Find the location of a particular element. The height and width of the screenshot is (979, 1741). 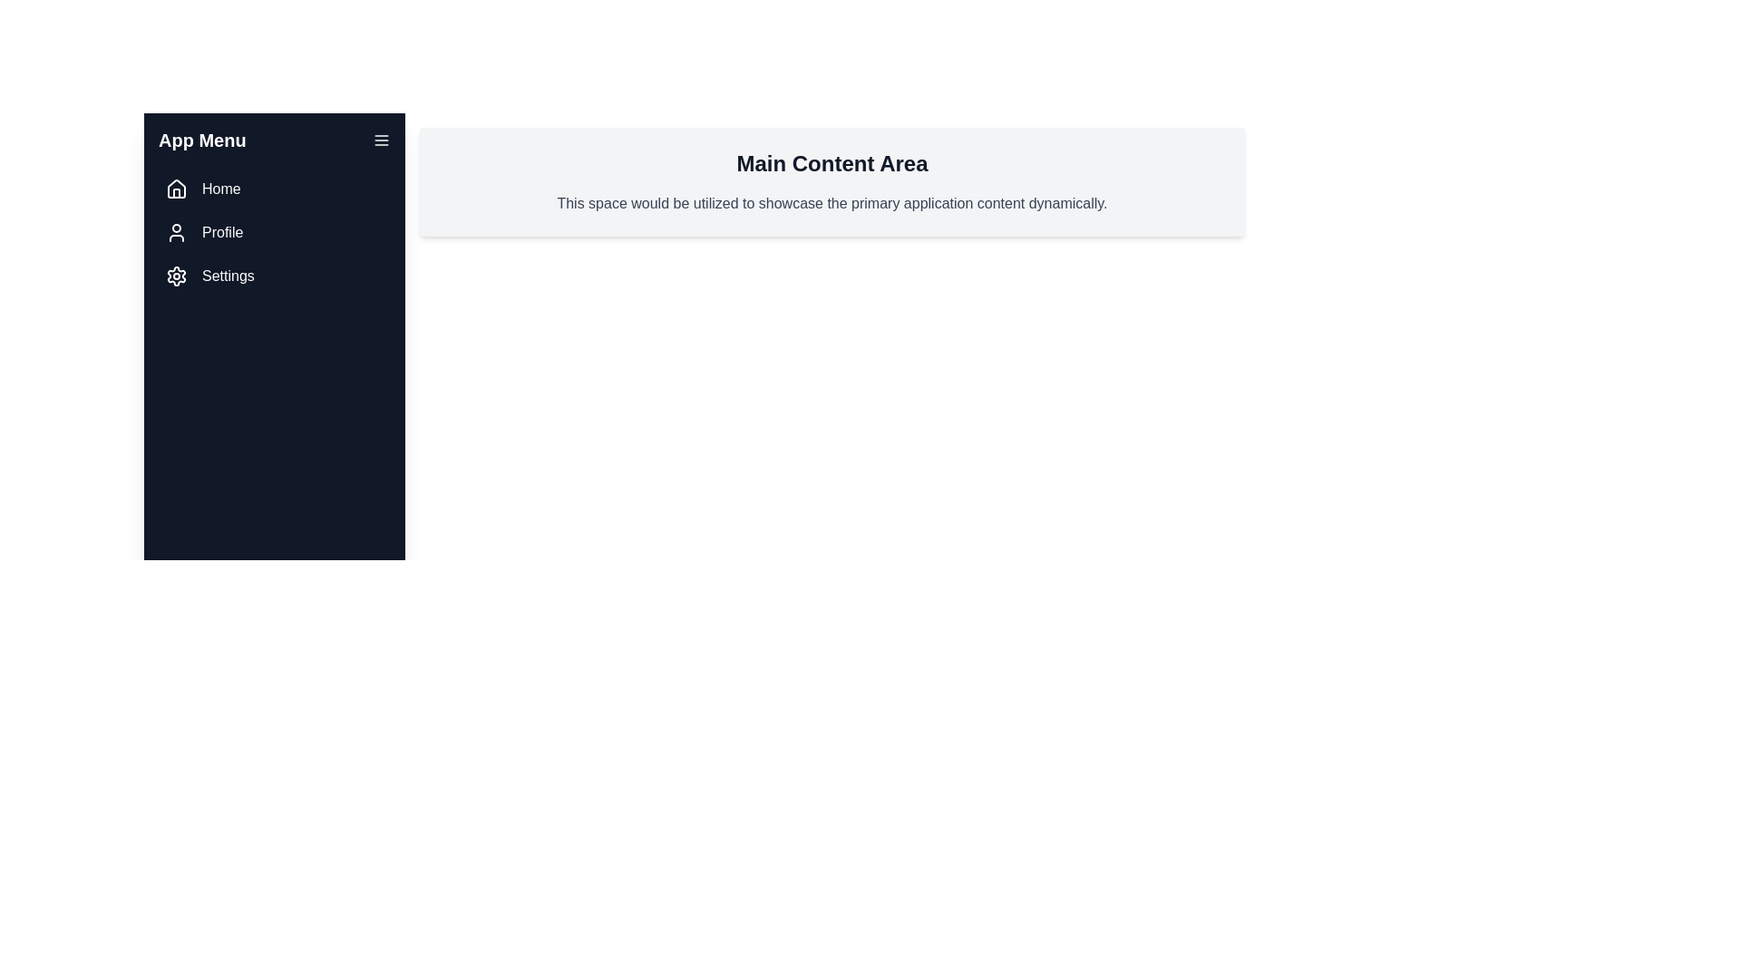

the toggle button to close the drawer is located at coordinates (381, 139).